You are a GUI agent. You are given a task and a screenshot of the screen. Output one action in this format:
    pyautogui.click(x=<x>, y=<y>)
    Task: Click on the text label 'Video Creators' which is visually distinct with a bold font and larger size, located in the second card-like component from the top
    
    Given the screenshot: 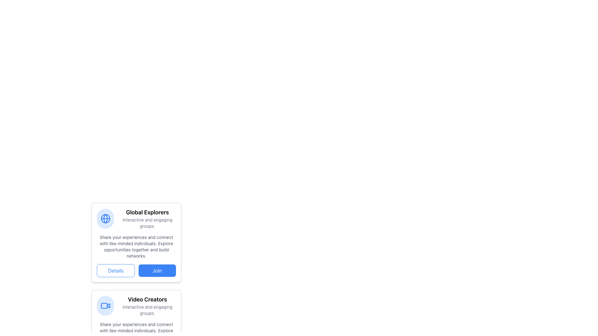 What is the action you would take?
    pyautogui.click(x=147, y=299)
    